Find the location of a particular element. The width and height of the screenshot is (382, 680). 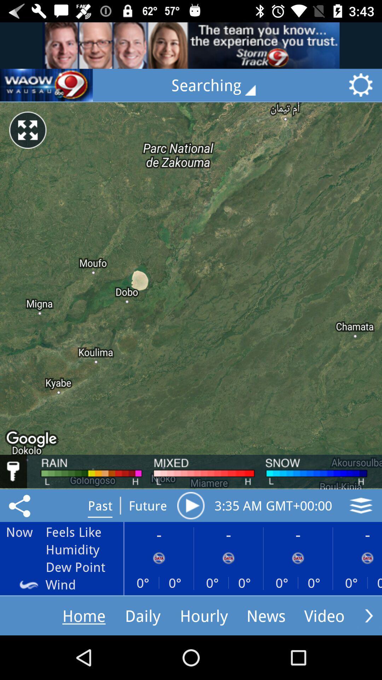

the layers icon is located at coordinates (361, 505).